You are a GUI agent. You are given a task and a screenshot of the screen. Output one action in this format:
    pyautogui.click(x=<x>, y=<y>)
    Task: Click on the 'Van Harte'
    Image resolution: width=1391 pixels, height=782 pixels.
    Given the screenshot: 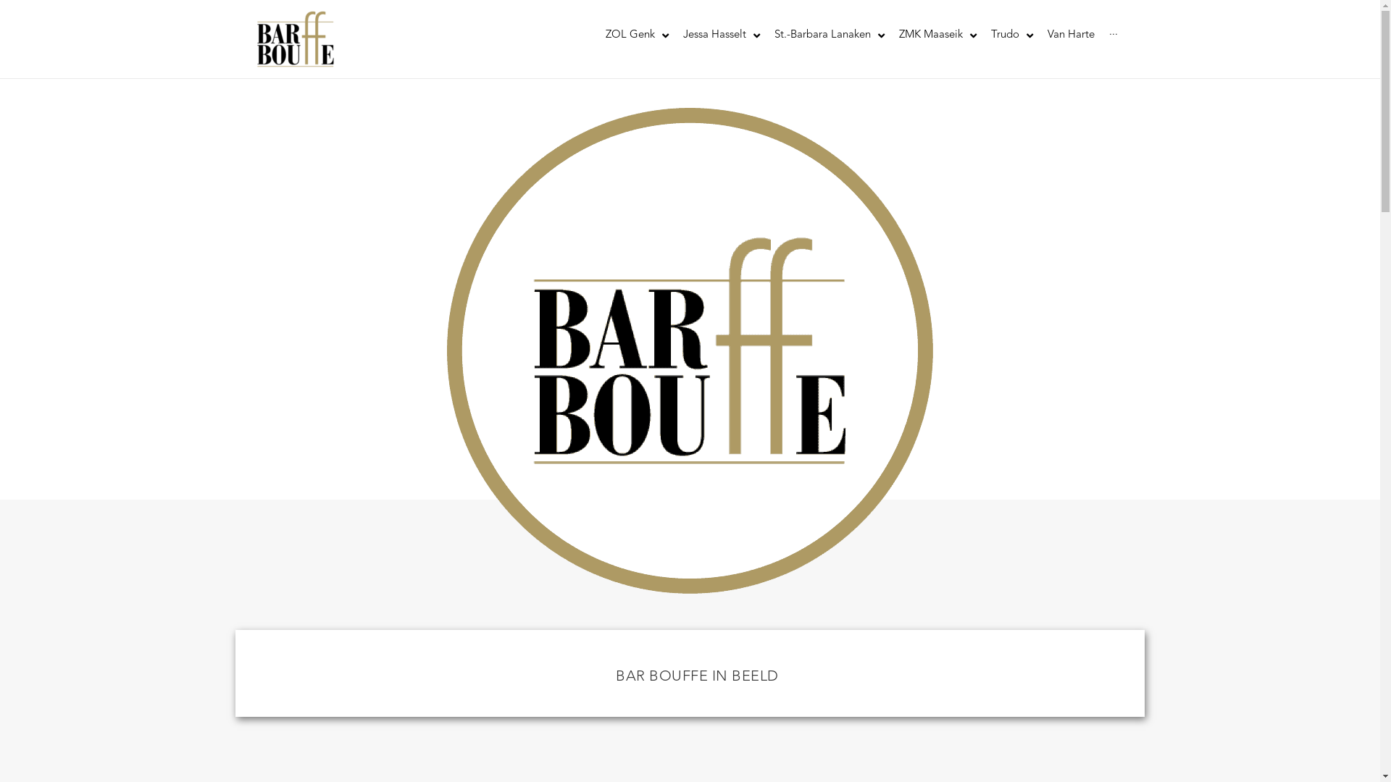 What is the action you would take?
    pyautogui.click(x=1071, y=35)
    